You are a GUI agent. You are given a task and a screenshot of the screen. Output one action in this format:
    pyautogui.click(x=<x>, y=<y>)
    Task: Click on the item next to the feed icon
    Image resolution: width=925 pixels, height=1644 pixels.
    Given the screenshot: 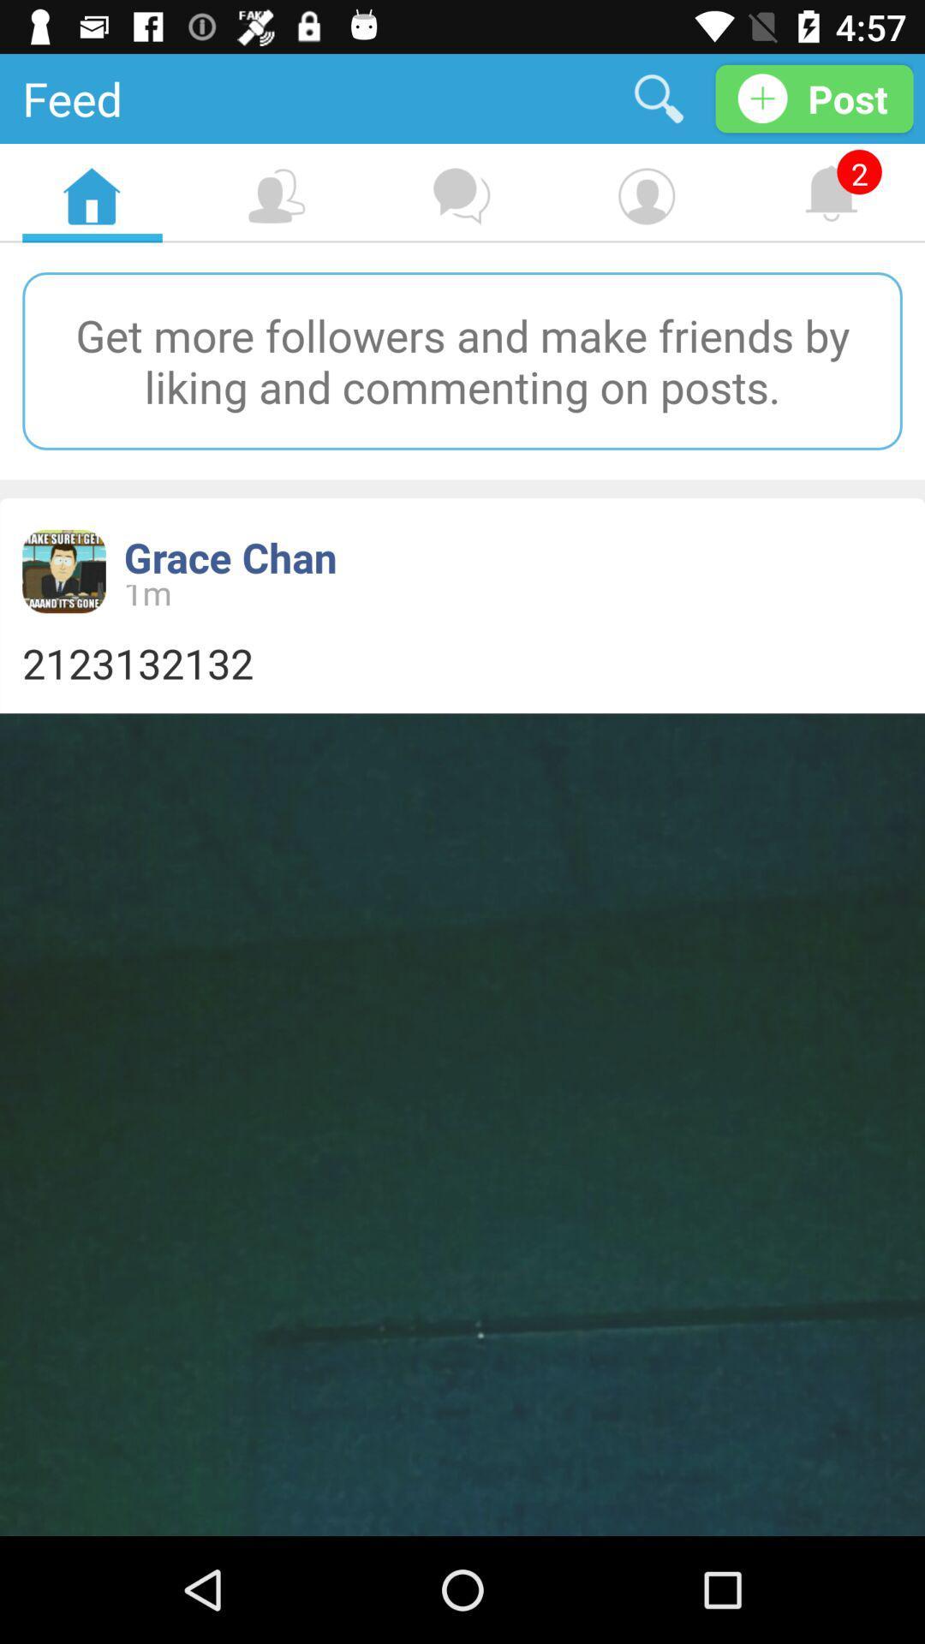 What is the action you would take?
    pyautogui.click(x=658, y=98)
    